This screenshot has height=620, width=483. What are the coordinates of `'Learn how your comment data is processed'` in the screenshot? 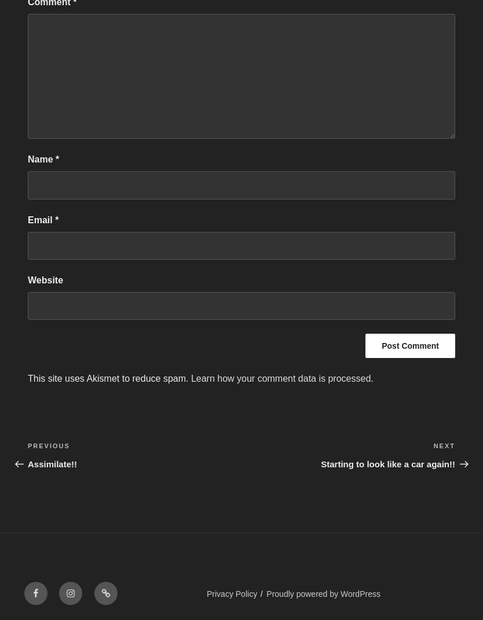 It's located at (280, 378).